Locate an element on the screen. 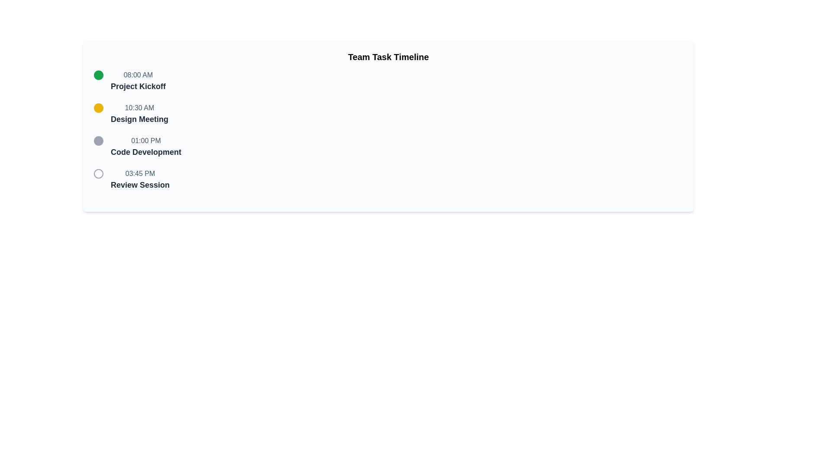  the circular gray Status Indicator located to the left of the 'Code Development' text in the timeline is located at coordinates (98, 141).